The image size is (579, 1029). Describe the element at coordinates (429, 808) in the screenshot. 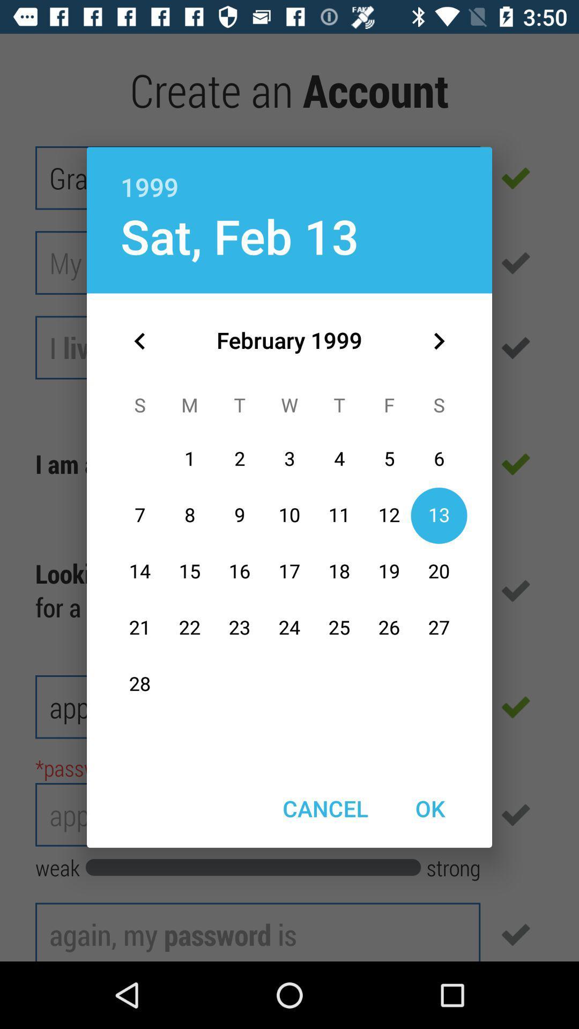

I see `the item to the right of cancel icon` at that location.